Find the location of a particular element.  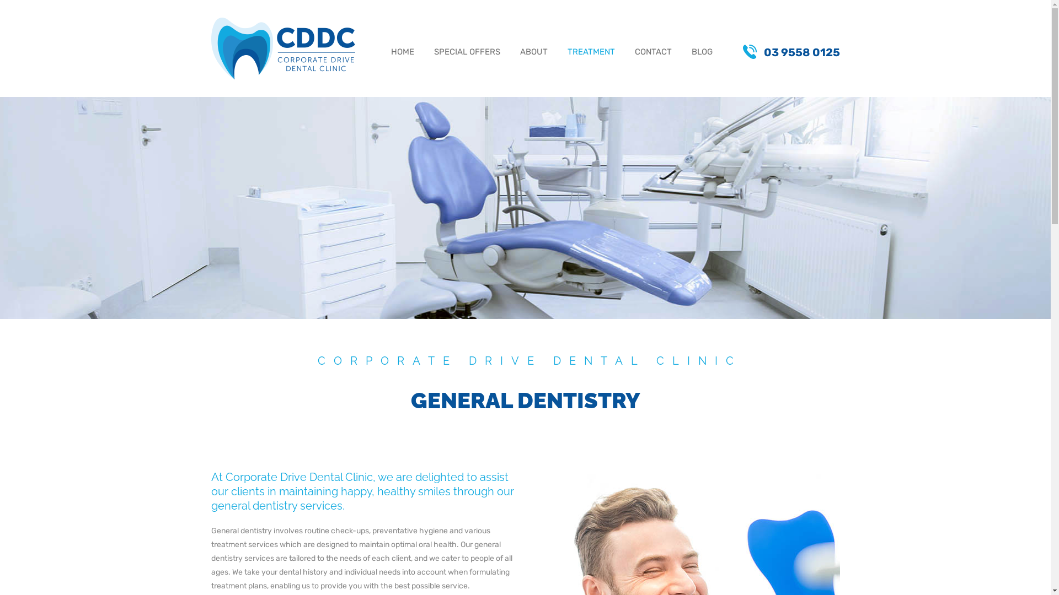

'ABOUT' is located at coordinates (533, 53).